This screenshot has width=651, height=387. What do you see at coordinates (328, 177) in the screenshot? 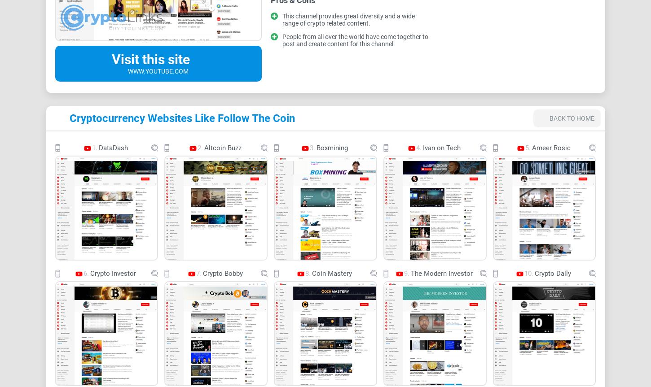
I see `'http://followthecoin.com/dogeconsf'` at bounding box center [328, 177].